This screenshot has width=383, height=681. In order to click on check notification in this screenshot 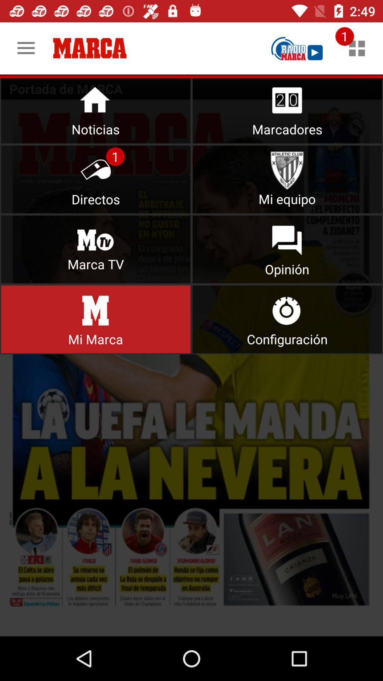, I will do `click(357, 48)`.